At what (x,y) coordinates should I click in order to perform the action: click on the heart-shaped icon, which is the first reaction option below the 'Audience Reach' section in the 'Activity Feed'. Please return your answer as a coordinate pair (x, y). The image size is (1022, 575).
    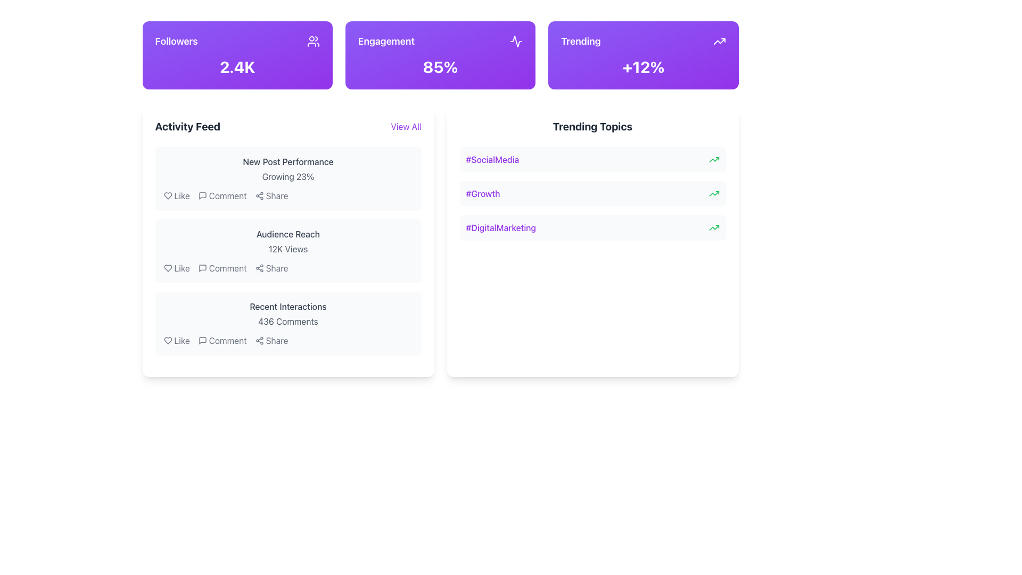
    Looking at the image, I should click on (167, 268).